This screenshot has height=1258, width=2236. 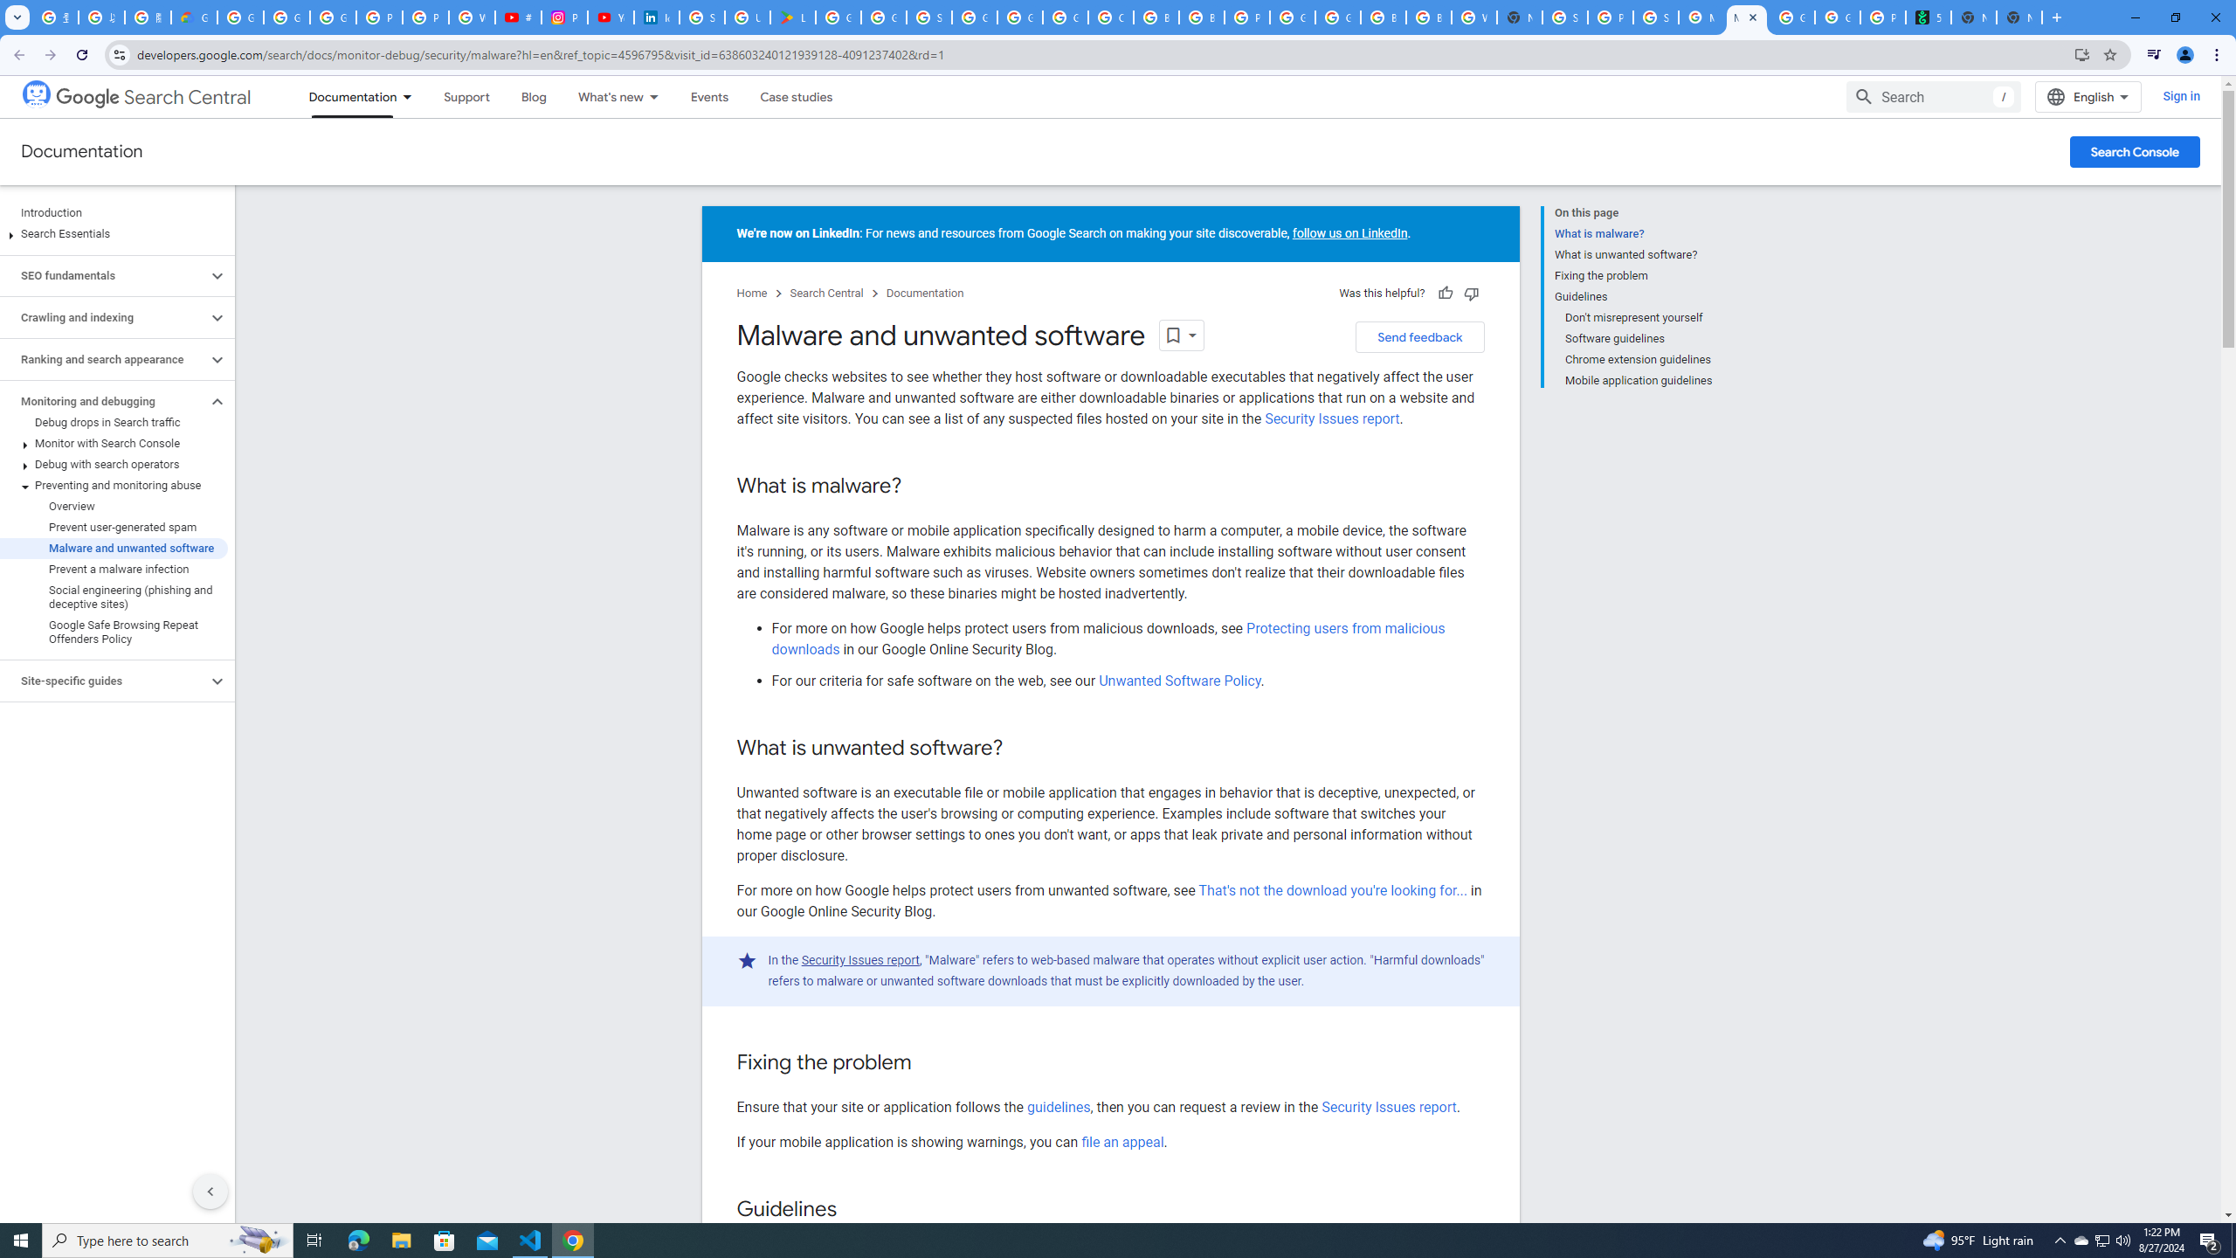 What do you see at coordinates (1470, 294) in the screenshot?
I see `'Not helpful'` at bounding box center [1470, 294].